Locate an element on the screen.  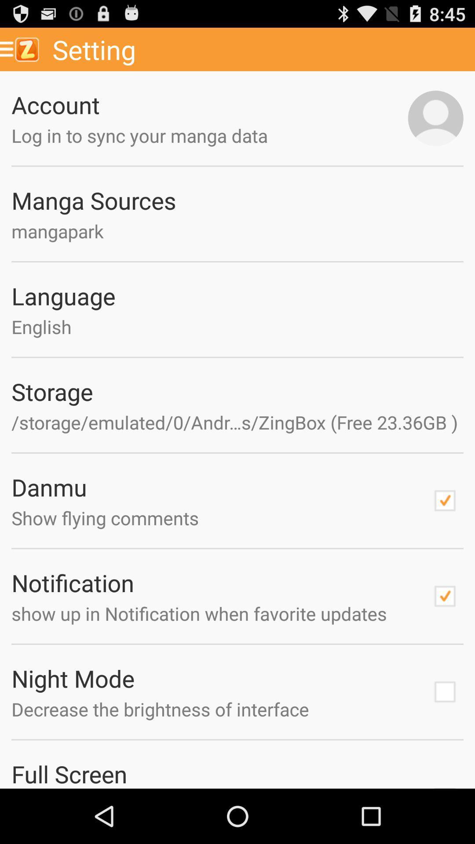
the item below the language icon is located at coordinates (237, 326).